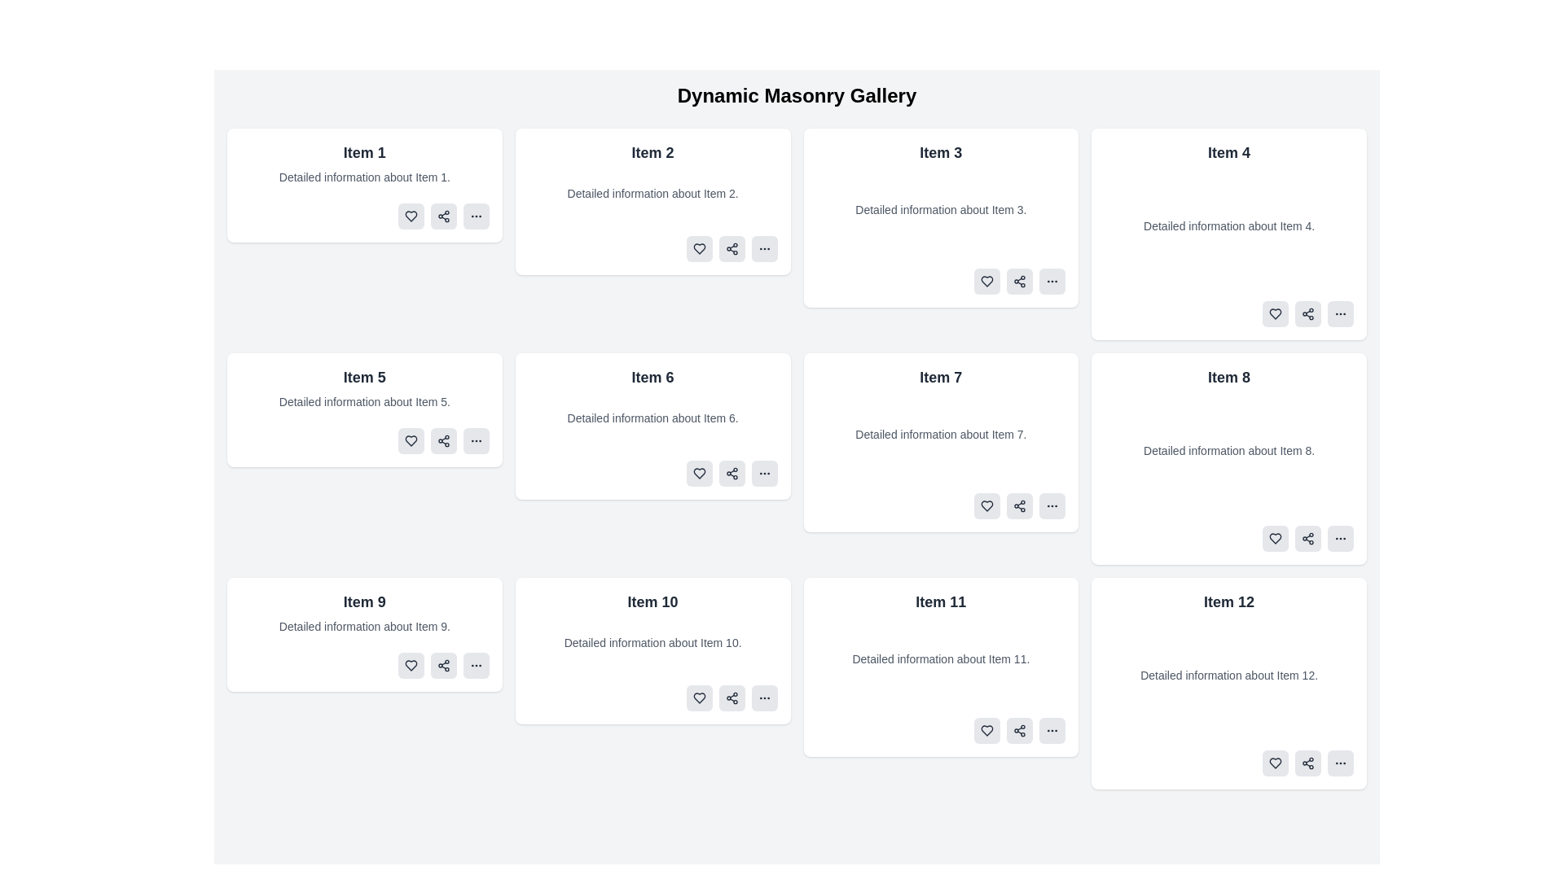 This screenshot has width=1564, height=879. I want to click on the informational text label that describes 'Item 2', which is positioned centrally below the title and above interactive elements, so click(652, 193).